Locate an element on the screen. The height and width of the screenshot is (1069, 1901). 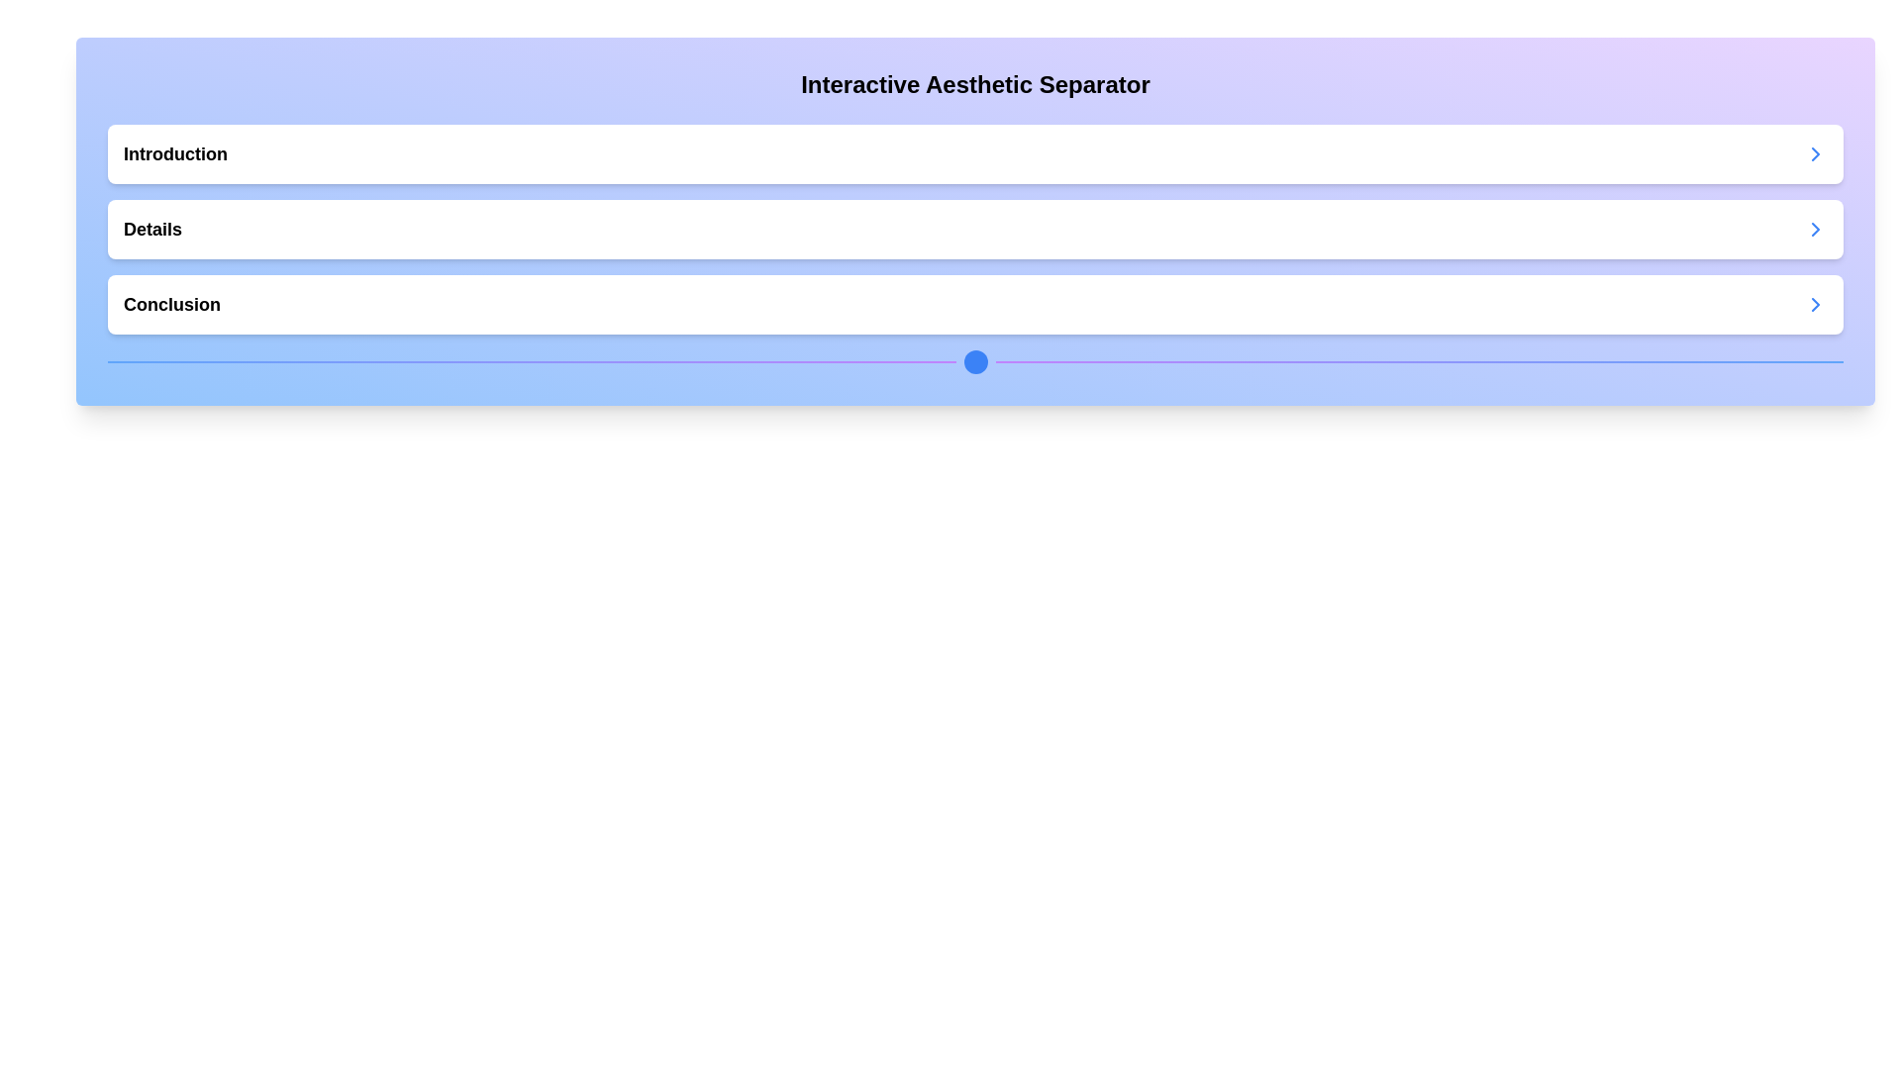
the 'Details' text label, which is a bold black label located in the middle row of a vertical list, adjacent to a right-pointing chevron icon is located at coordinates (151, 228).